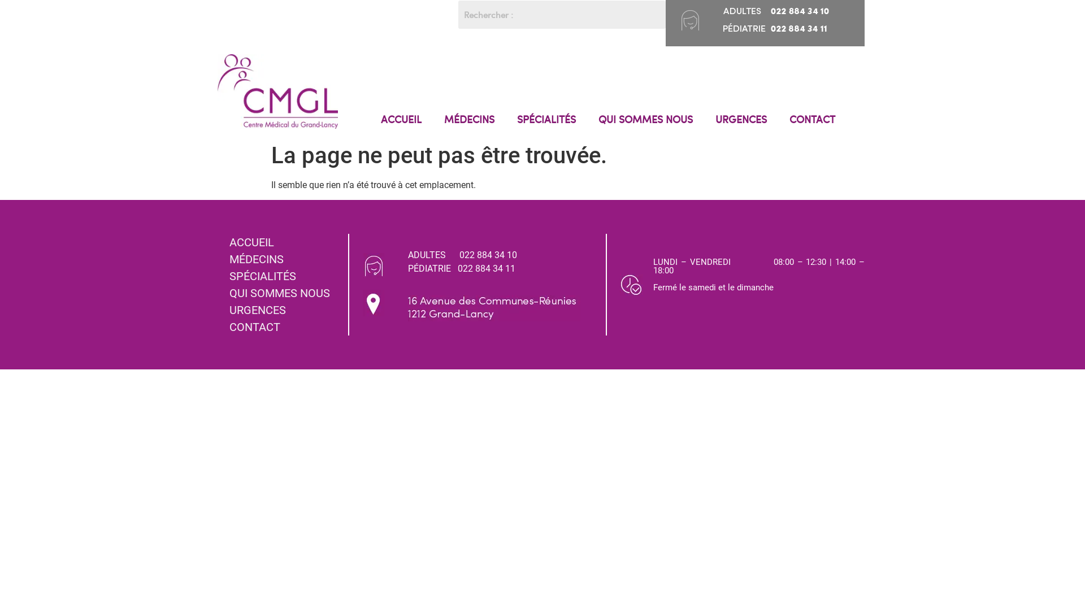 The image size is (1085, 610). Describe the element at coordinates (284, 293) in the screenshot. I see `'QUI SOMMES NOUS'` at that location.